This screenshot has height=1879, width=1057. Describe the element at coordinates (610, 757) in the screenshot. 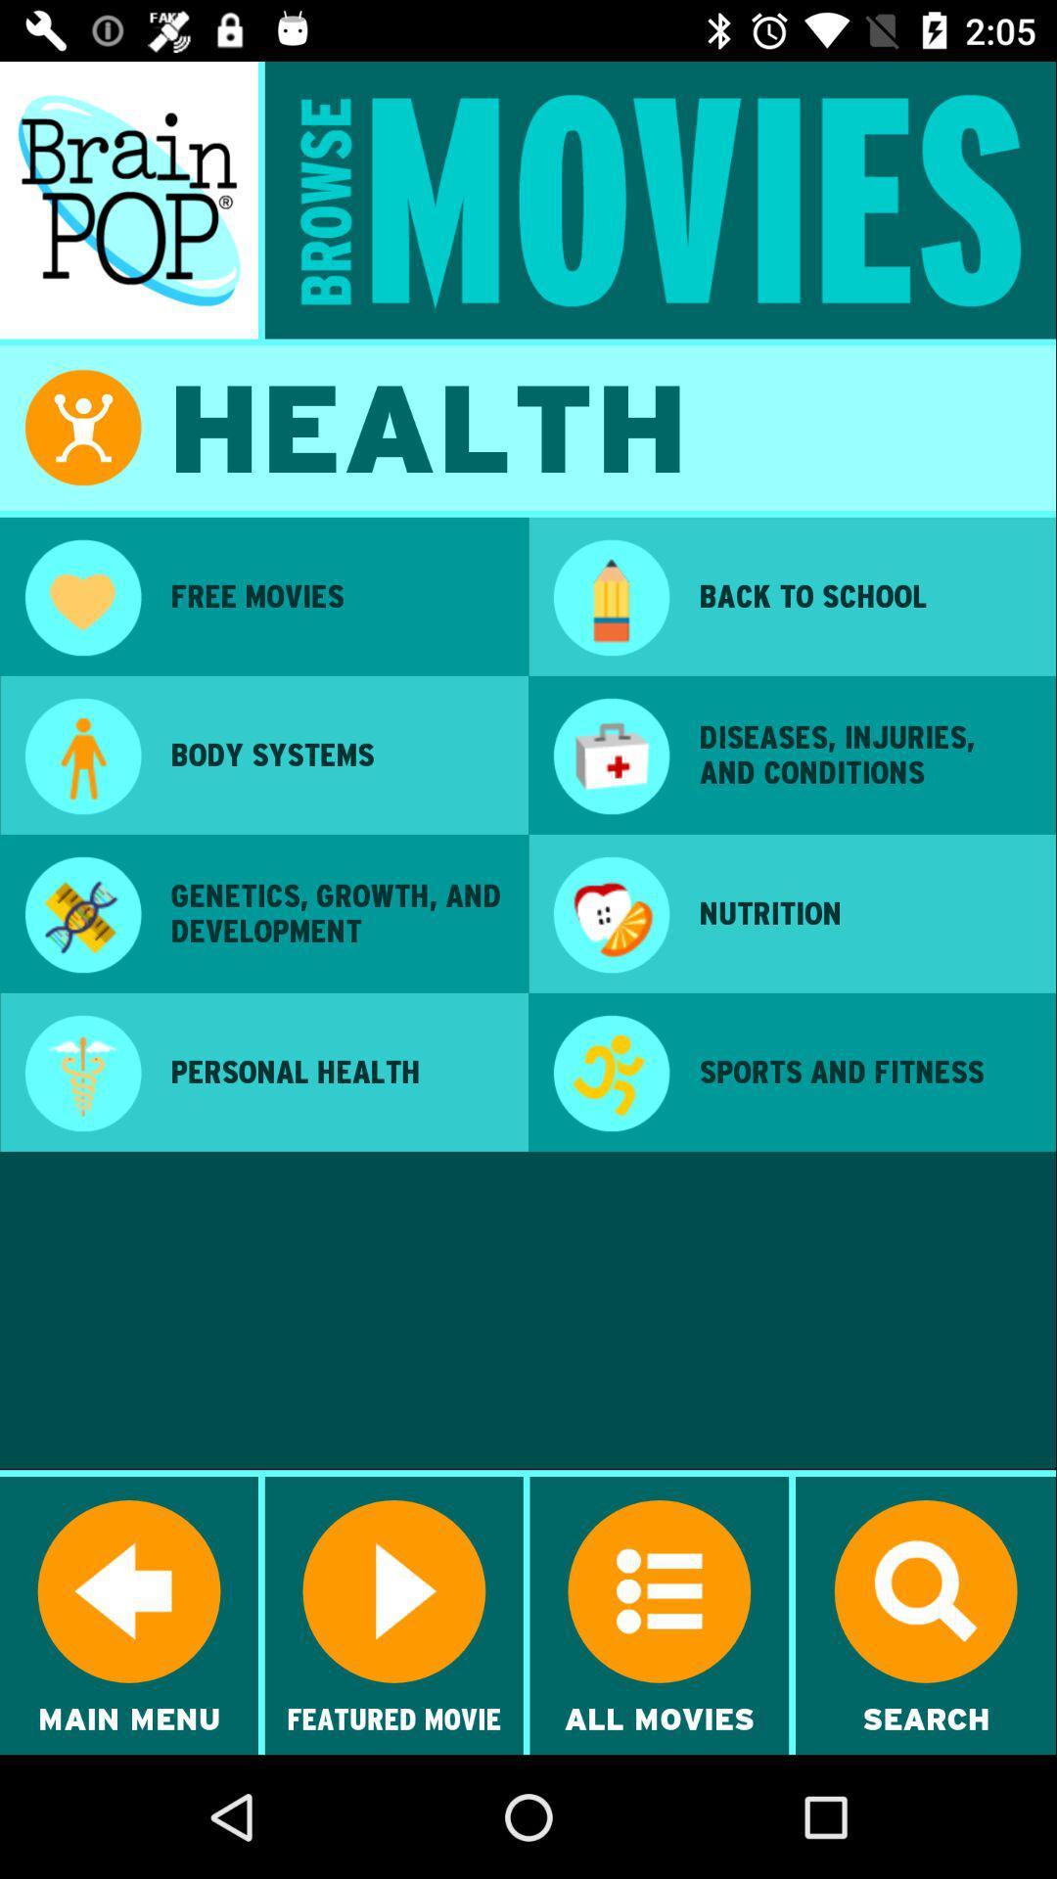

I see `app next to body systems item` at that location.